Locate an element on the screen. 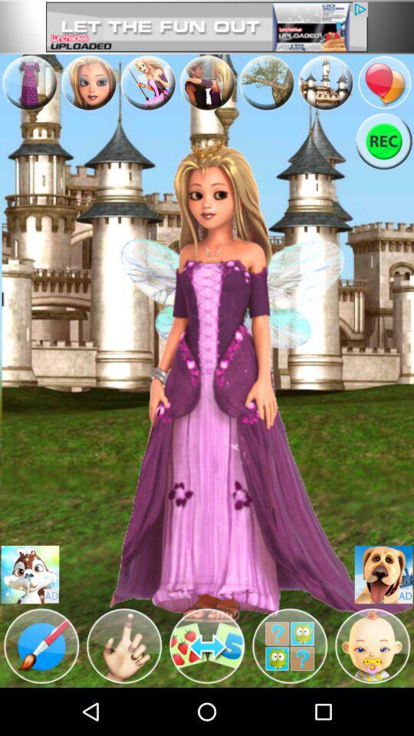 This screenshot has width=414, height=736. advertisement is located at coordinates (265, 83).